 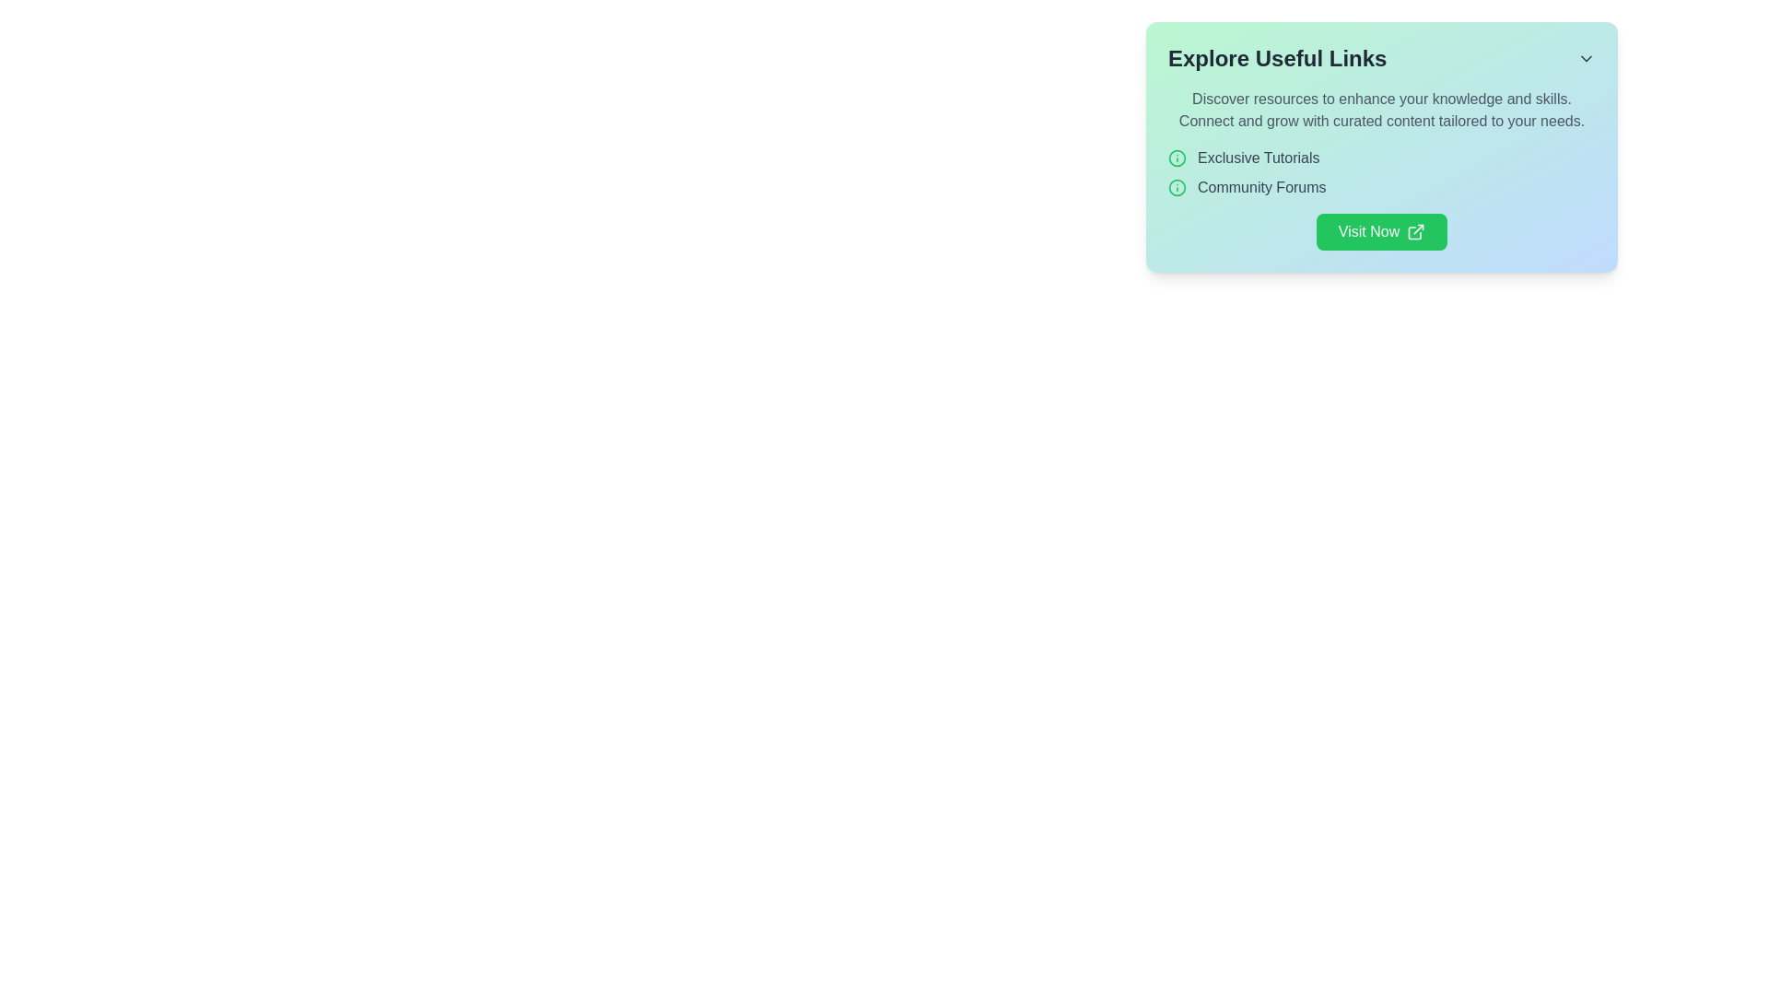 What do you see at coordinates (1381, 110) in the screenshot?
I see `the centered static text block containing two sentences, styled in grey font against a gradient background, positioned beneath the title 'Explore Useful Links'` at bounding box center [1381, 110].